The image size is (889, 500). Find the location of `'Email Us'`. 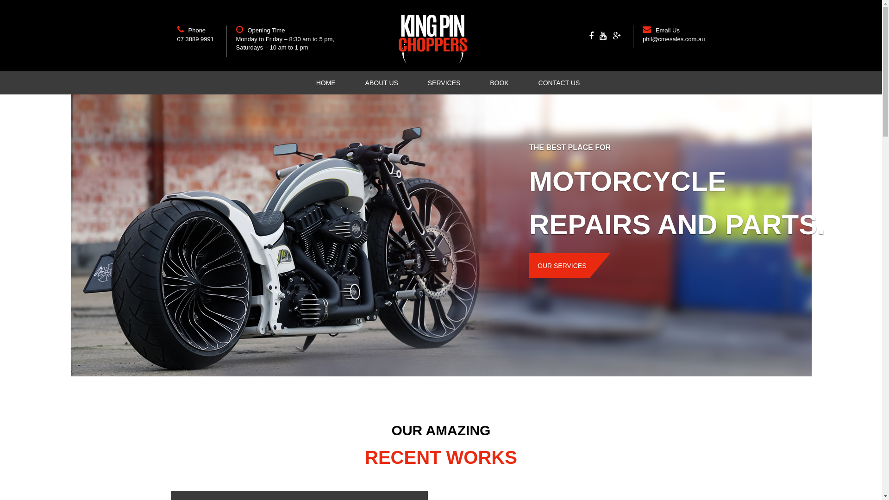

'Email Us' is located at coordinates (667, 30).